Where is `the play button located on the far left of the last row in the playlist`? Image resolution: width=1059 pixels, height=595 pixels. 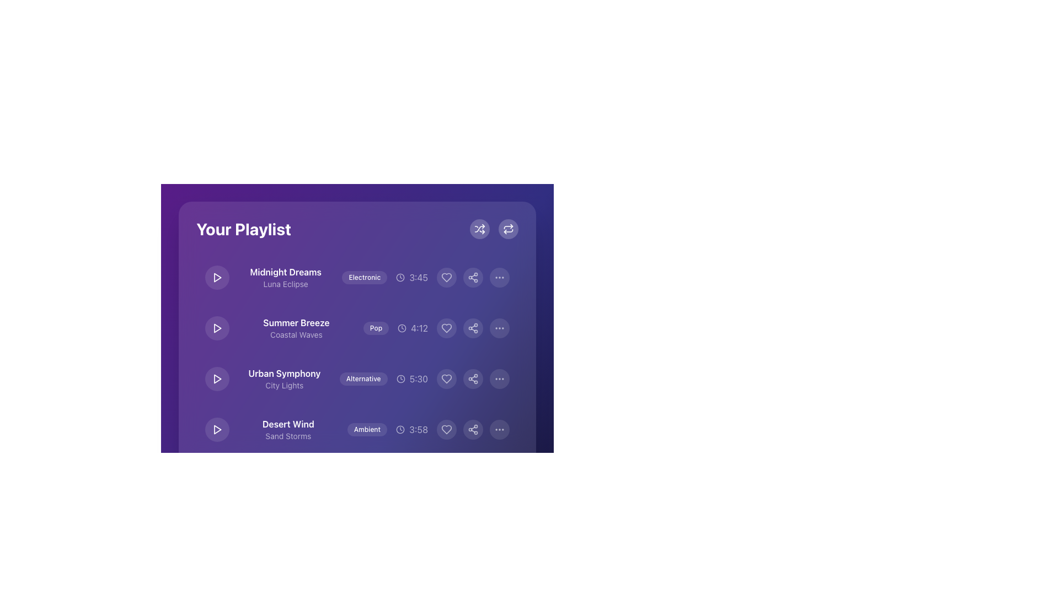
the play button located on the far left of the last row in the playlist is located at coordinates (217, 429).